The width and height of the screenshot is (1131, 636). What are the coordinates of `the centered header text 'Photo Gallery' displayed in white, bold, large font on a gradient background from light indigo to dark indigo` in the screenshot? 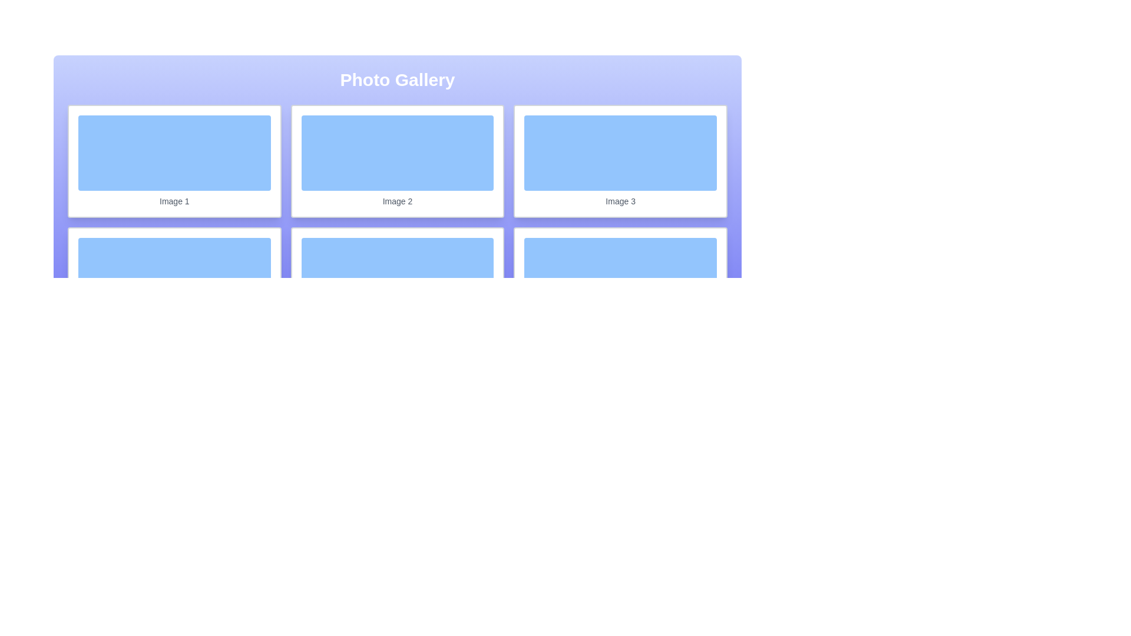 It's located at (398, 79).